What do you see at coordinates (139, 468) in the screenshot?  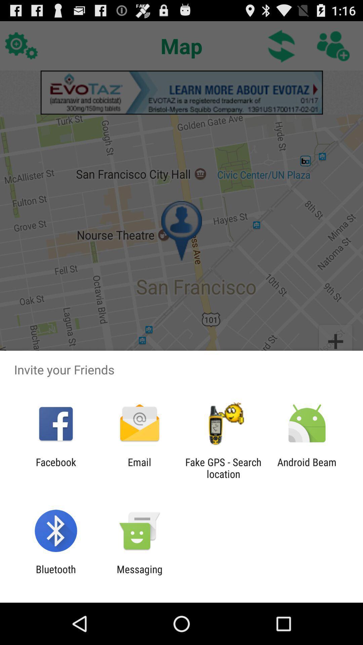 I see `app next to fake gps search icon` at bounding box center [139, 468].